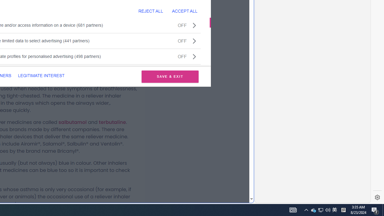  What do you see at coordinates (194, 56) in the screenshot?
I see `'Class: css-jswnc6'` at bounding box center [194, 56].